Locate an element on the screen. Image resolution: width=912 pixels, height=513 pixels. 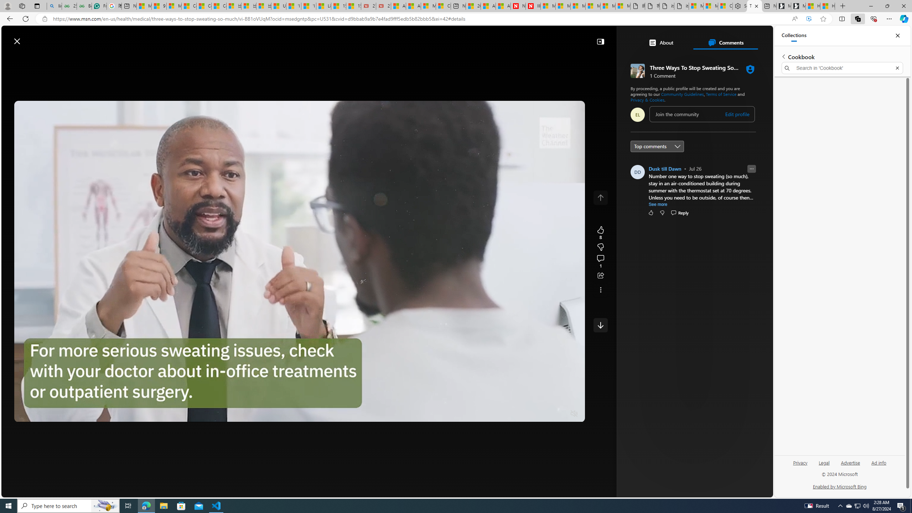
'Exit search' is located at coordinates (897, 68).